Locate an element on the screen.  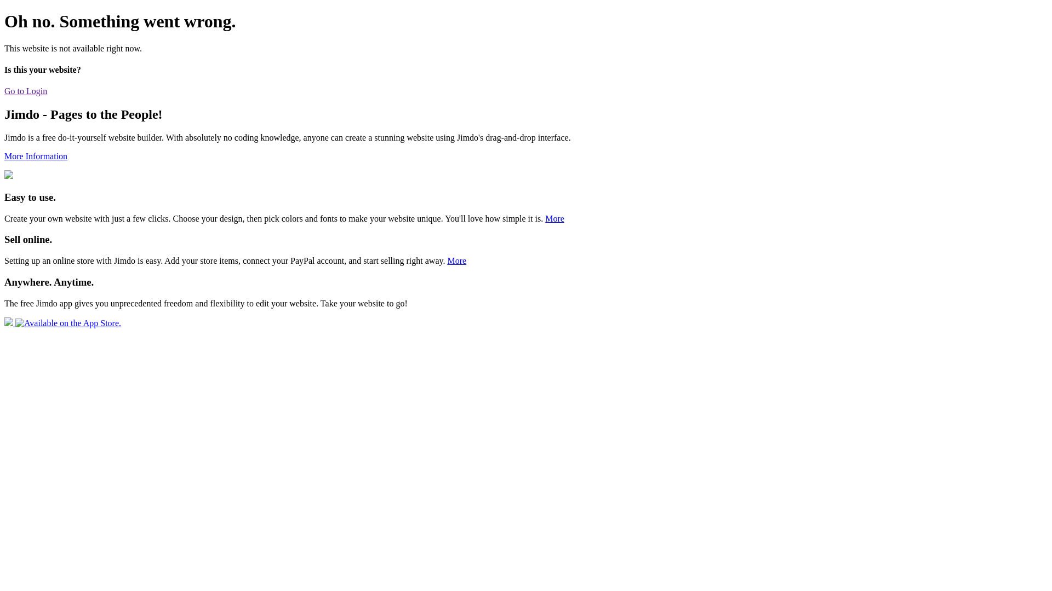
'Available on the App Store.' is located at coordinates (62, 322).